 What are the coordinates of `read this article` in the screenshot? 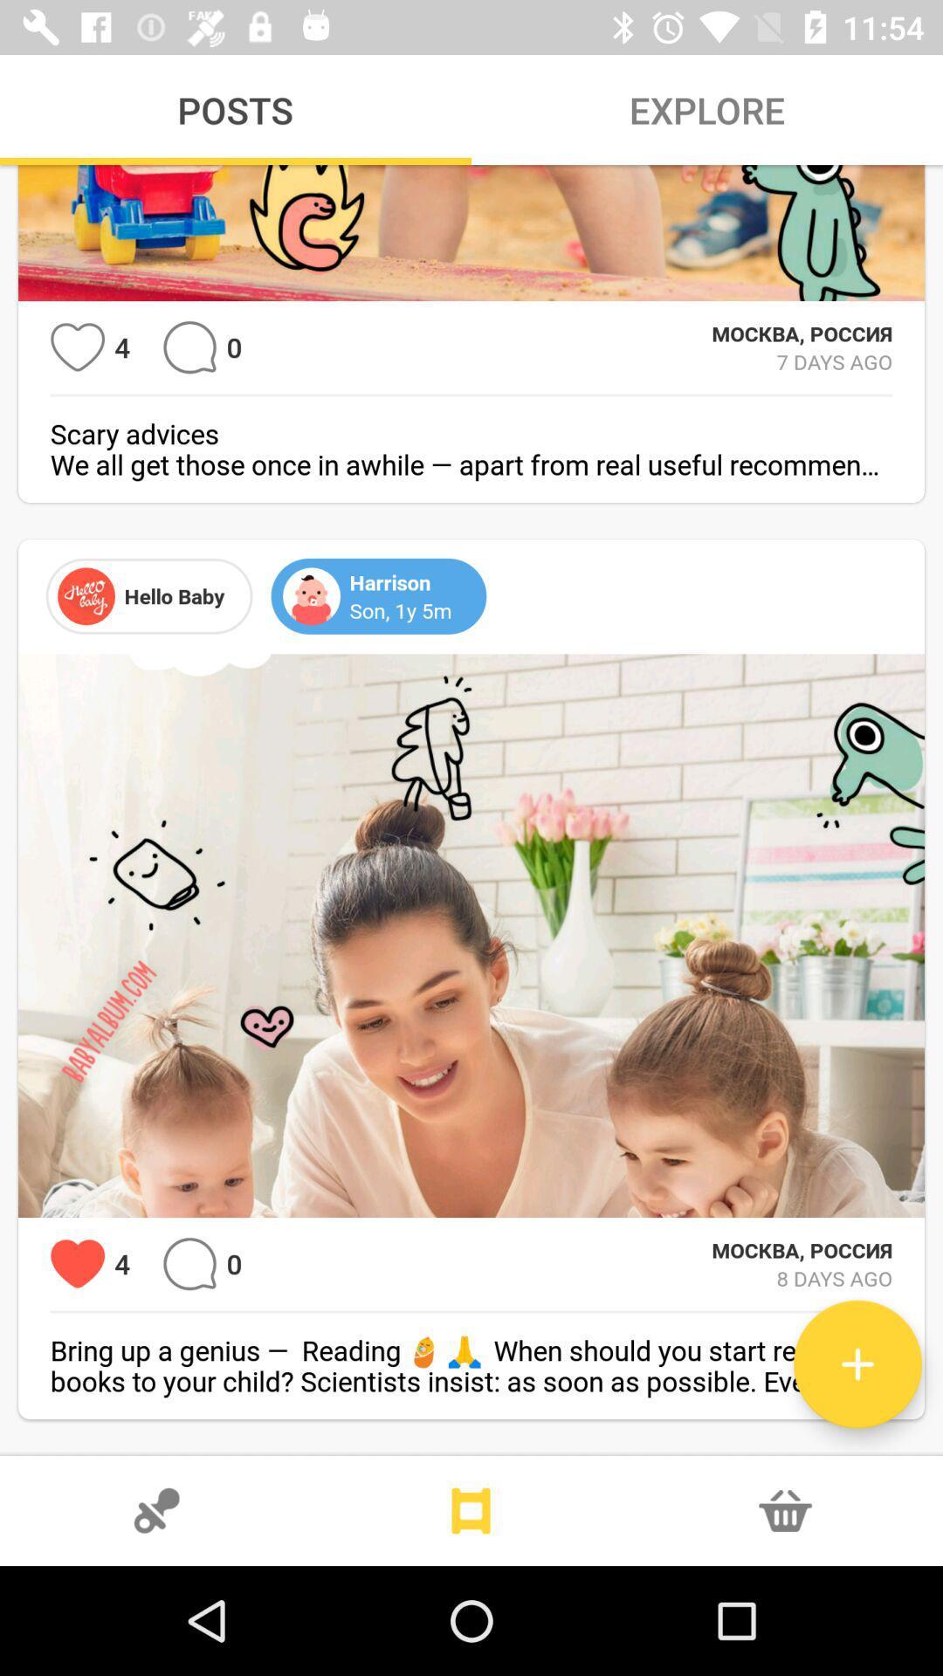 It's located at (857, 1363).